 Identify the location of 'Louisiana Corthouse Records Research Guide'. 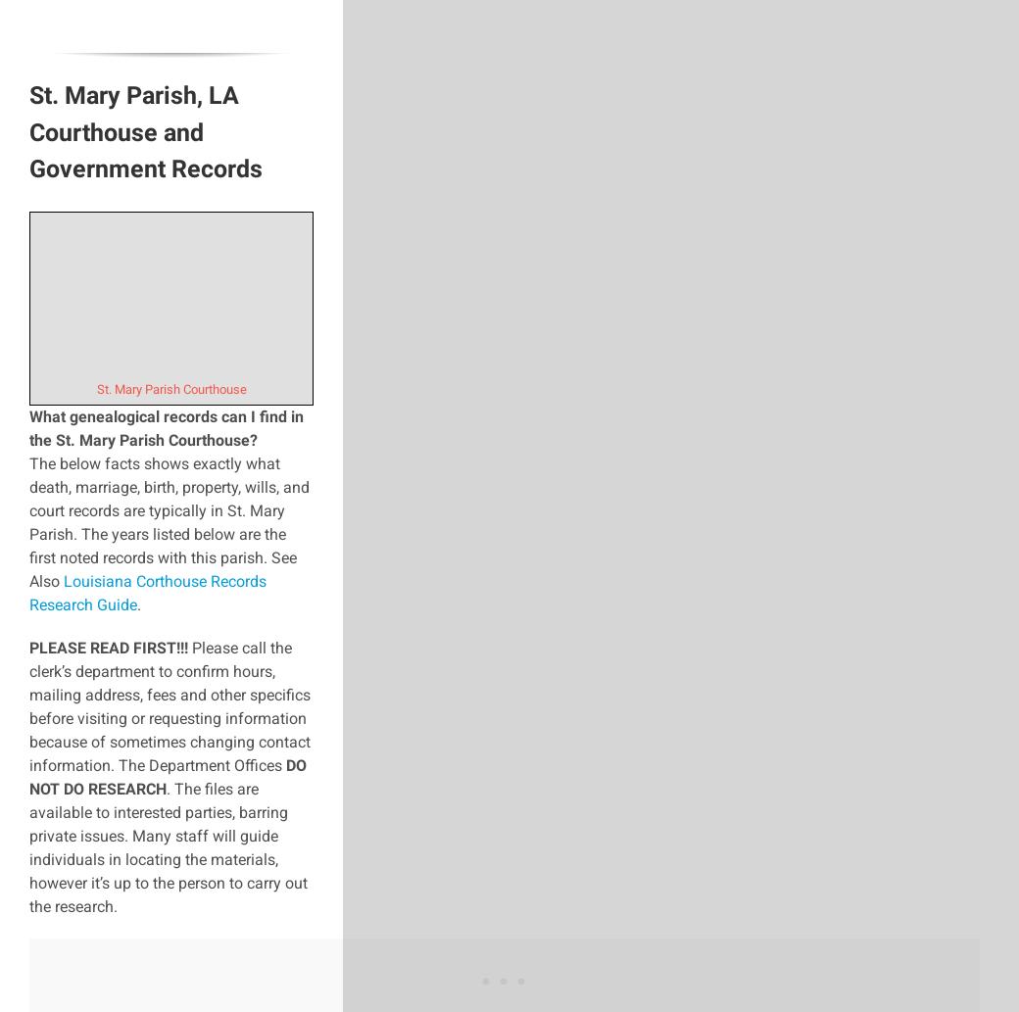
(148, 591).